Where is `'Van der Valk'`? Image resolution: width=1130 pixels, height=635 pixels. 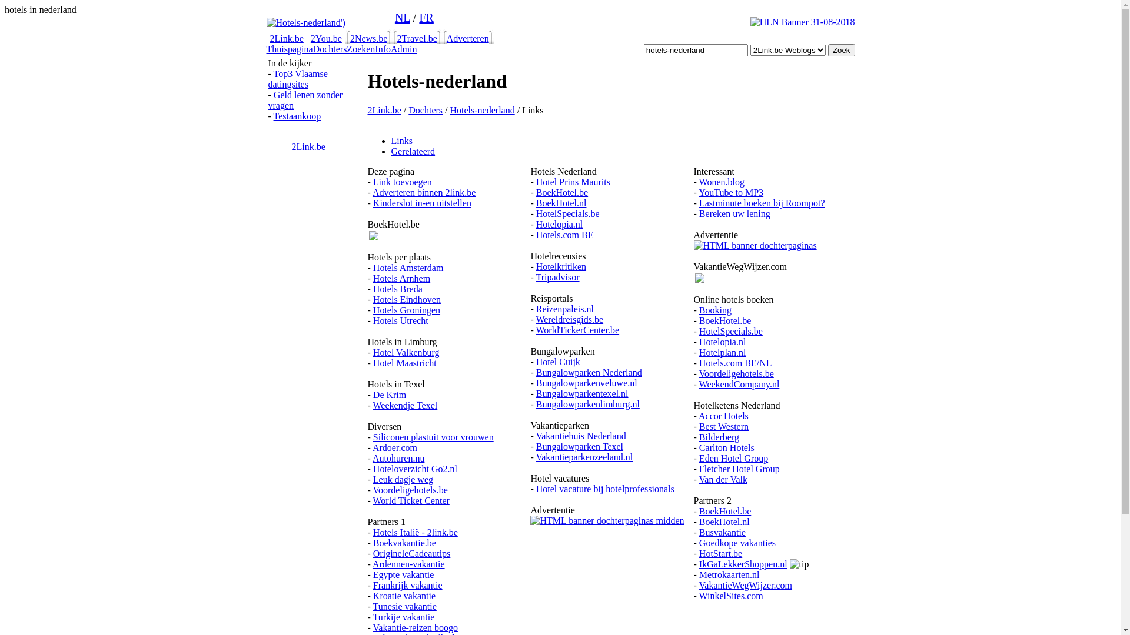
'Van der Valk' is located at coordinates (722, 479).